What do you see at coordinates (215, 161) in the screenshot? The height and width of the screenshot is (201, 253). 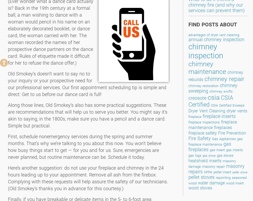 I see `'inserts'` at bounding box center [215, 161].